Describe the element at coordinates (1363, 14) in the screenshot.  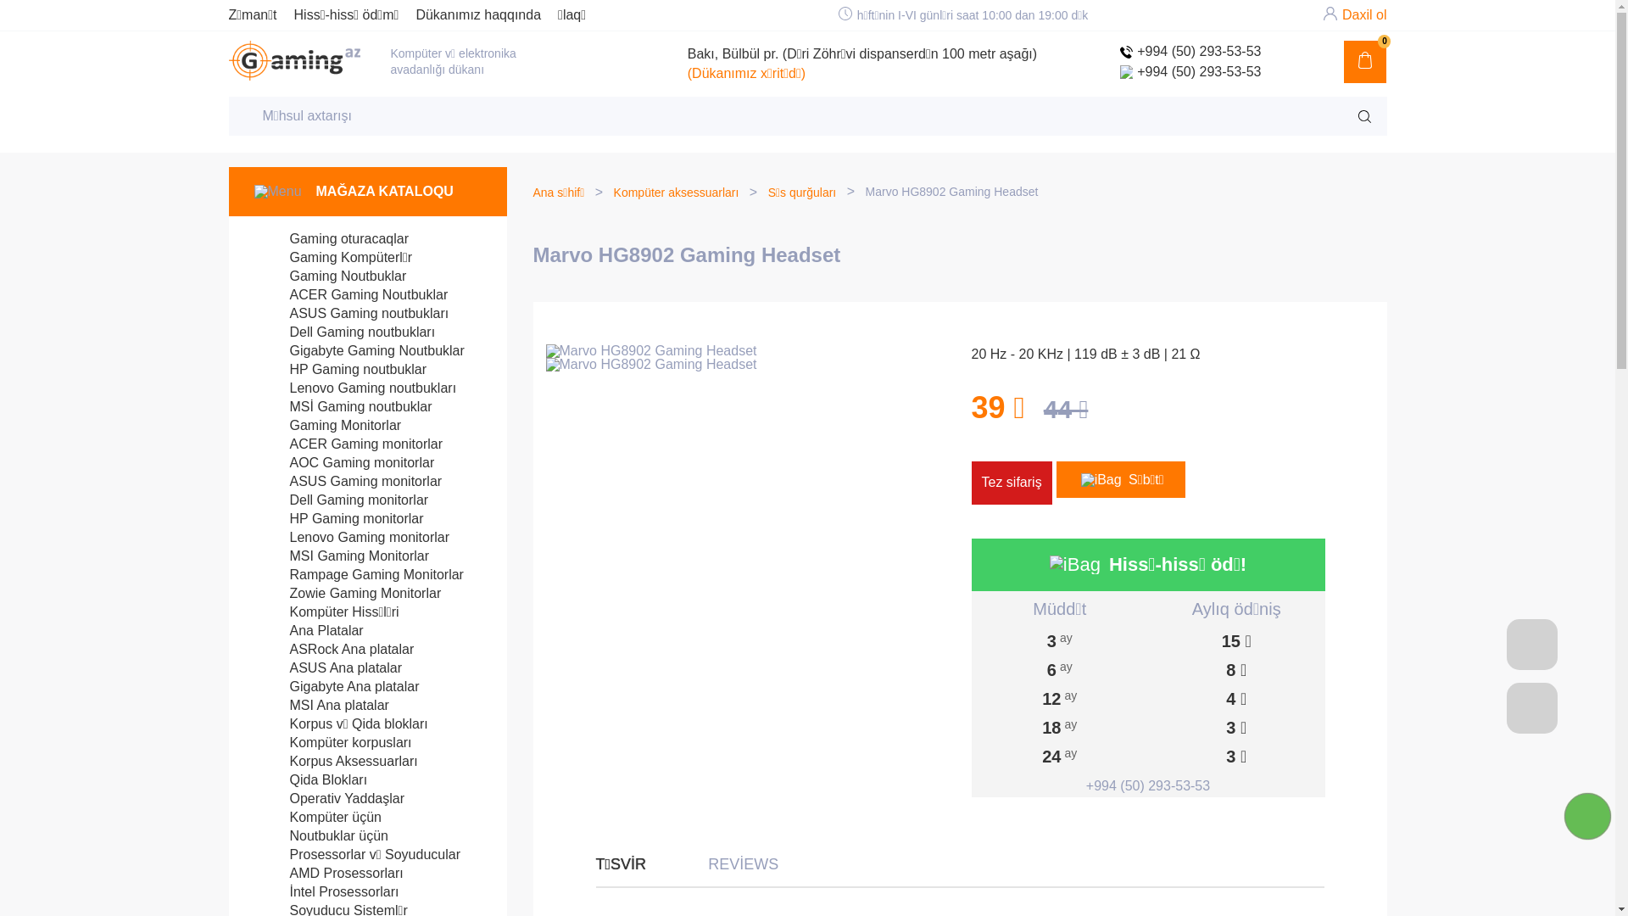
I see `'Daxil ol'` at that location.